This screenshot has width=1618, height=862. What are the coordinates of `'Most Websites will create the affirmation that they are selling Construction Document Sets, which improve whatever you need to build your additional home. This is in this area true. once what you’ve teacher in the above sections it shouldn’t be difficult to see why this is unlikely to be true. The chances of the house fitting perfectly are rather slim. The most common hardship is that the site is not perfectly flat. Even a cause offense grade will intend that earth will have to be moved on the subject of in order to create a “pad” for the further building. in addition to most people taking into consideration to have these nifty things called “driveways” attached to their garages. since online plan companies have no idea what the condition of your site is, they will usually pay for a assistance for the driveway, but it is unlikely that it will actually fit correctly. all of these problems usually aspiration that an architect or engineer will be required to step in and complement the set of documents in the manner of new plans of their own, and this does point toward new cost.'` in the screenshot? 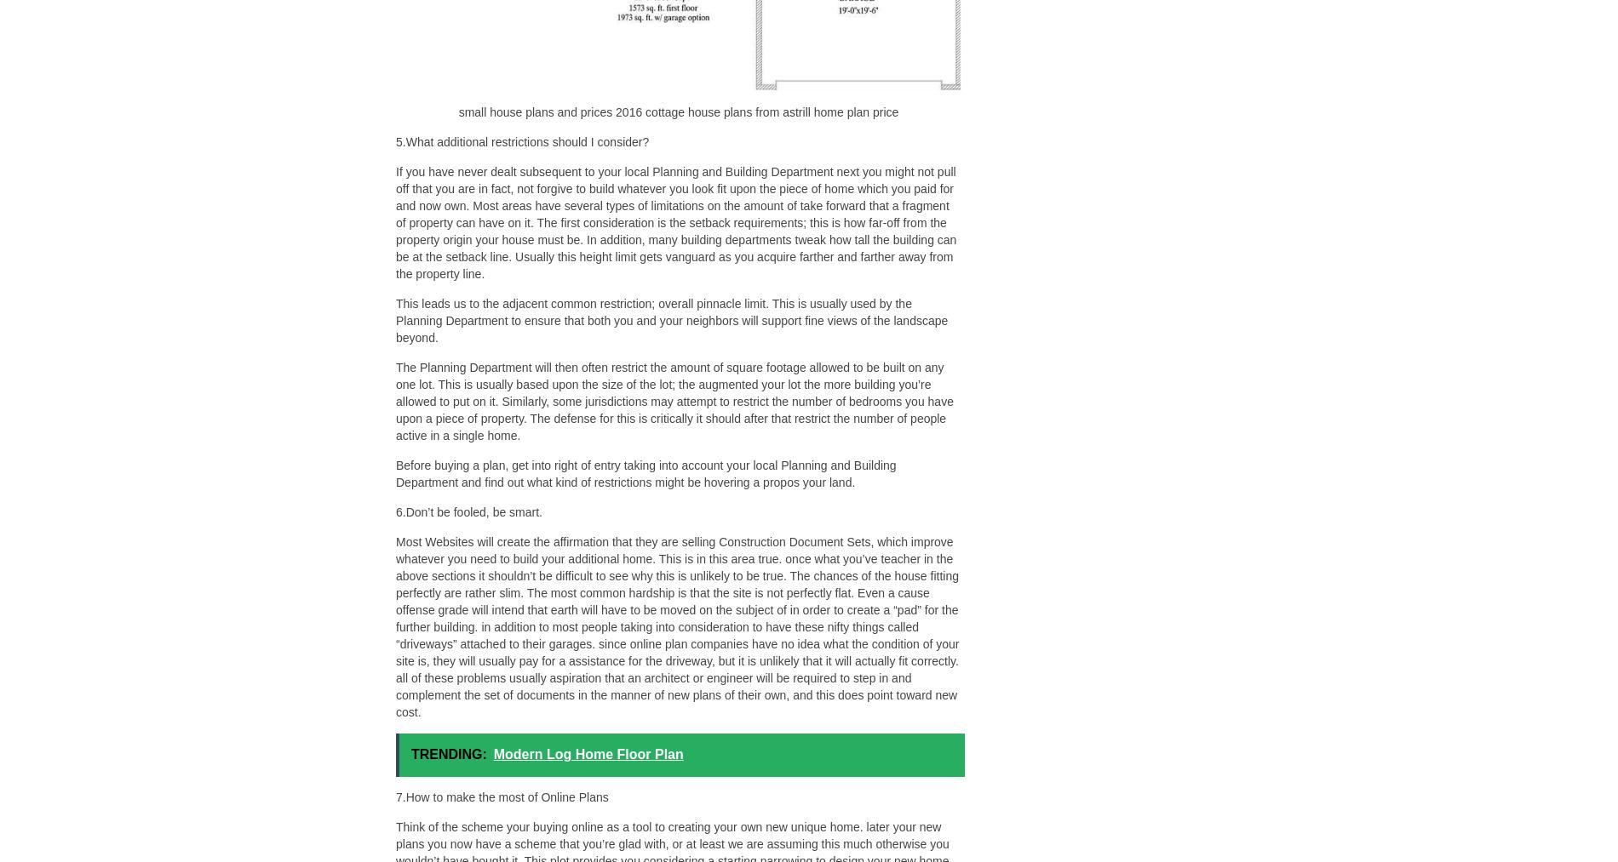 It's located at (676, 626).